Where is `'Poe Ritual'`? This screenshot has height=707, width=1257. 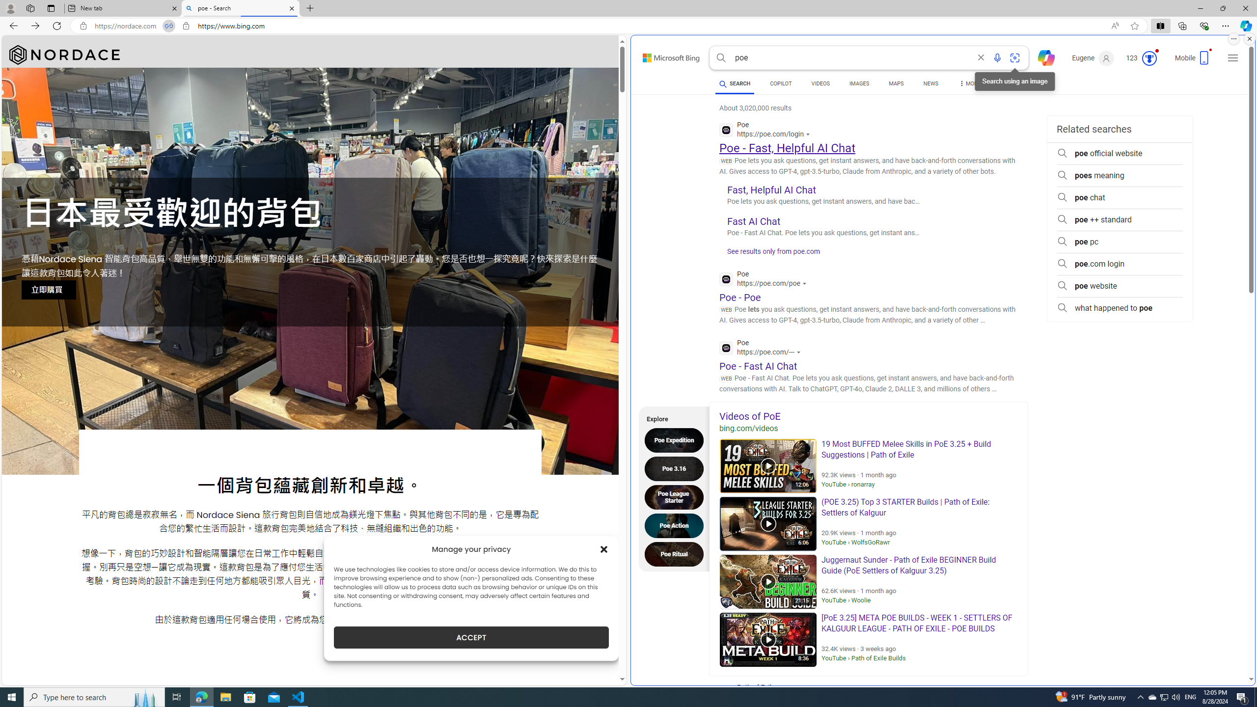
'Poe Ritual' is located at coordinates (676, 553).